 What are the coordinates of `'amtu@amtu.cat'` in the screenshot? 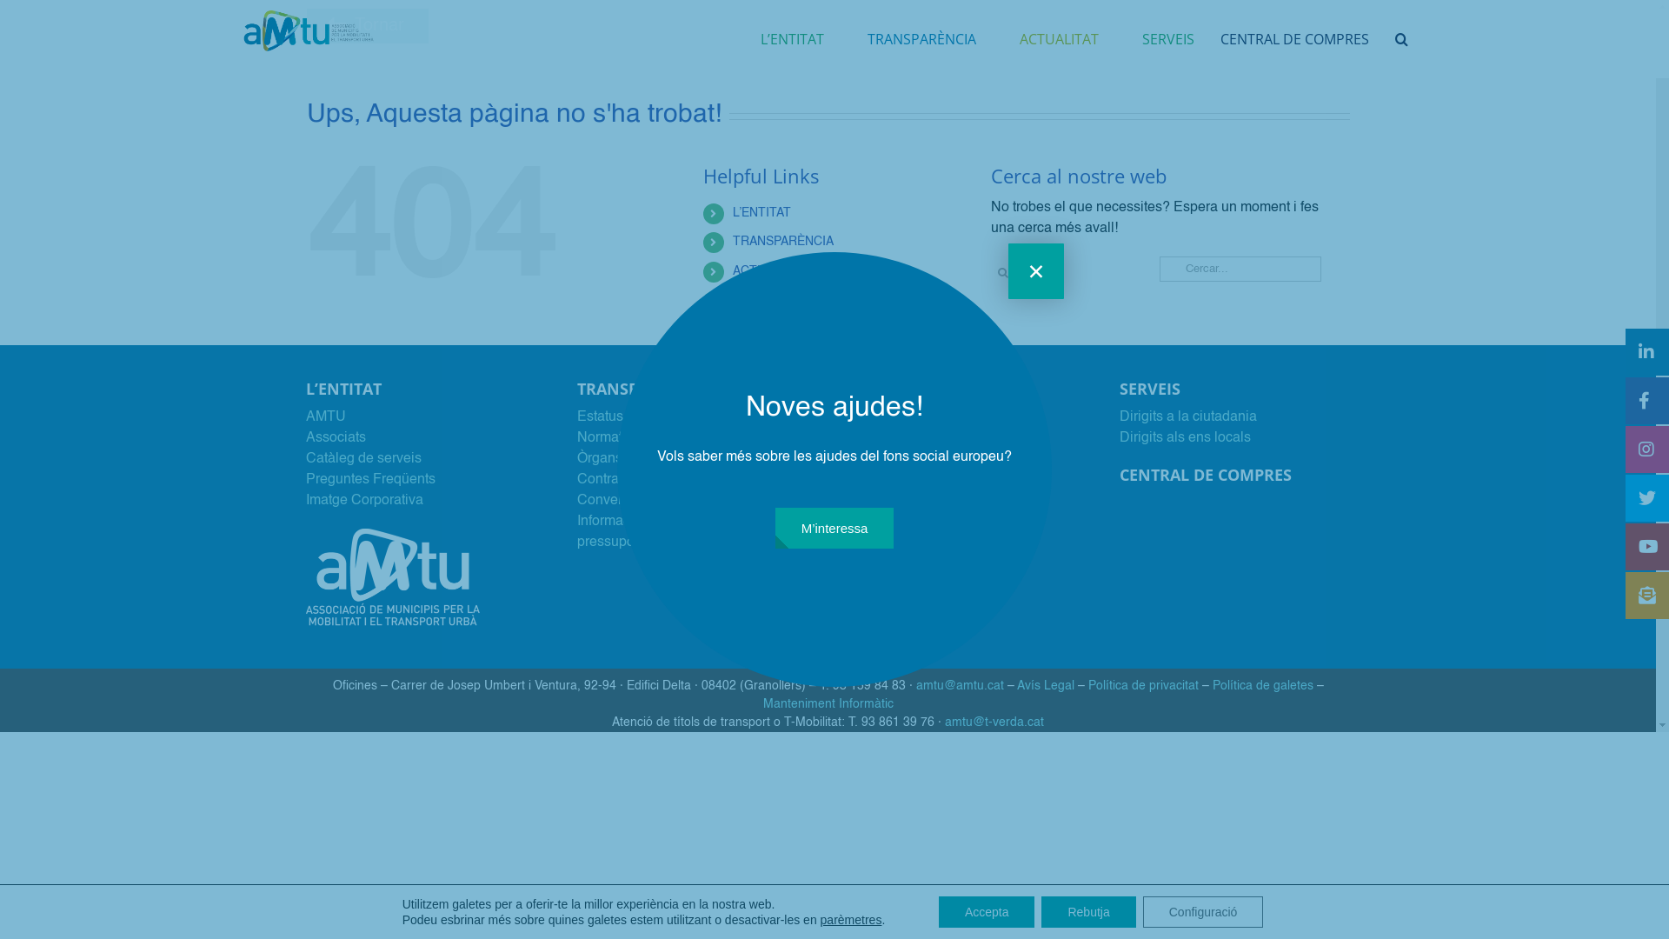 It's located at (959, 685).